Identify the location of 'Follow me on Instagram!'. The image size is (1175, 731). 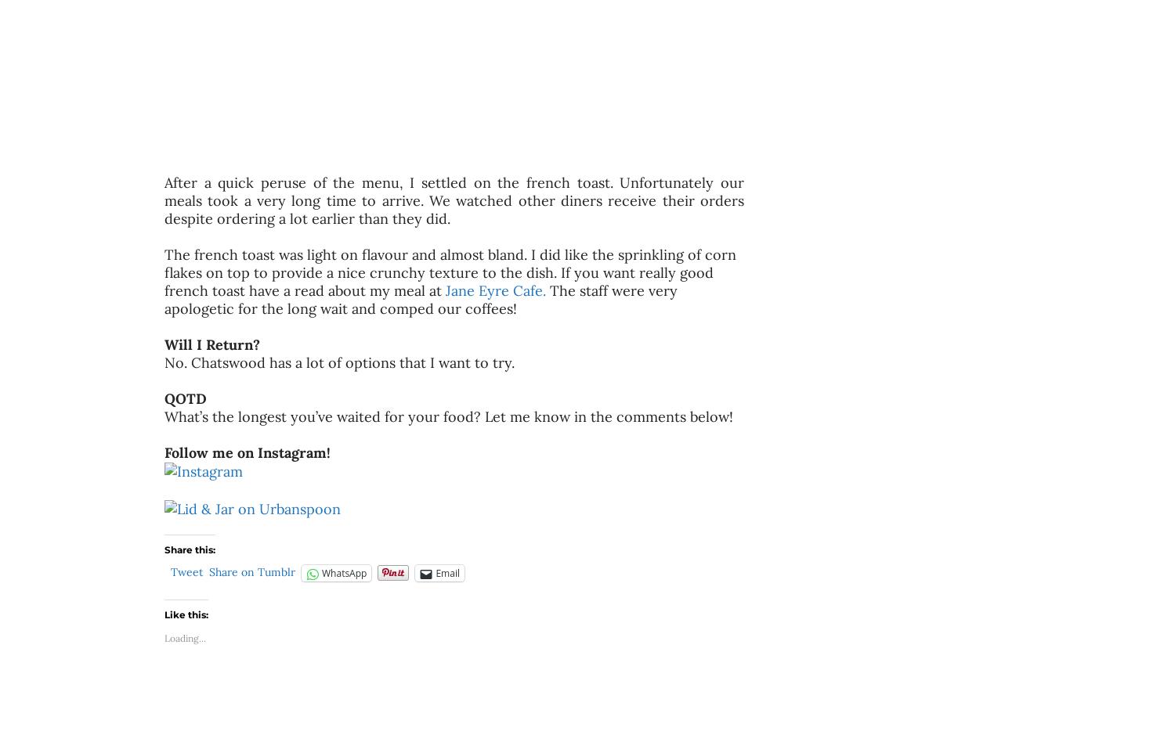
(164, 452).